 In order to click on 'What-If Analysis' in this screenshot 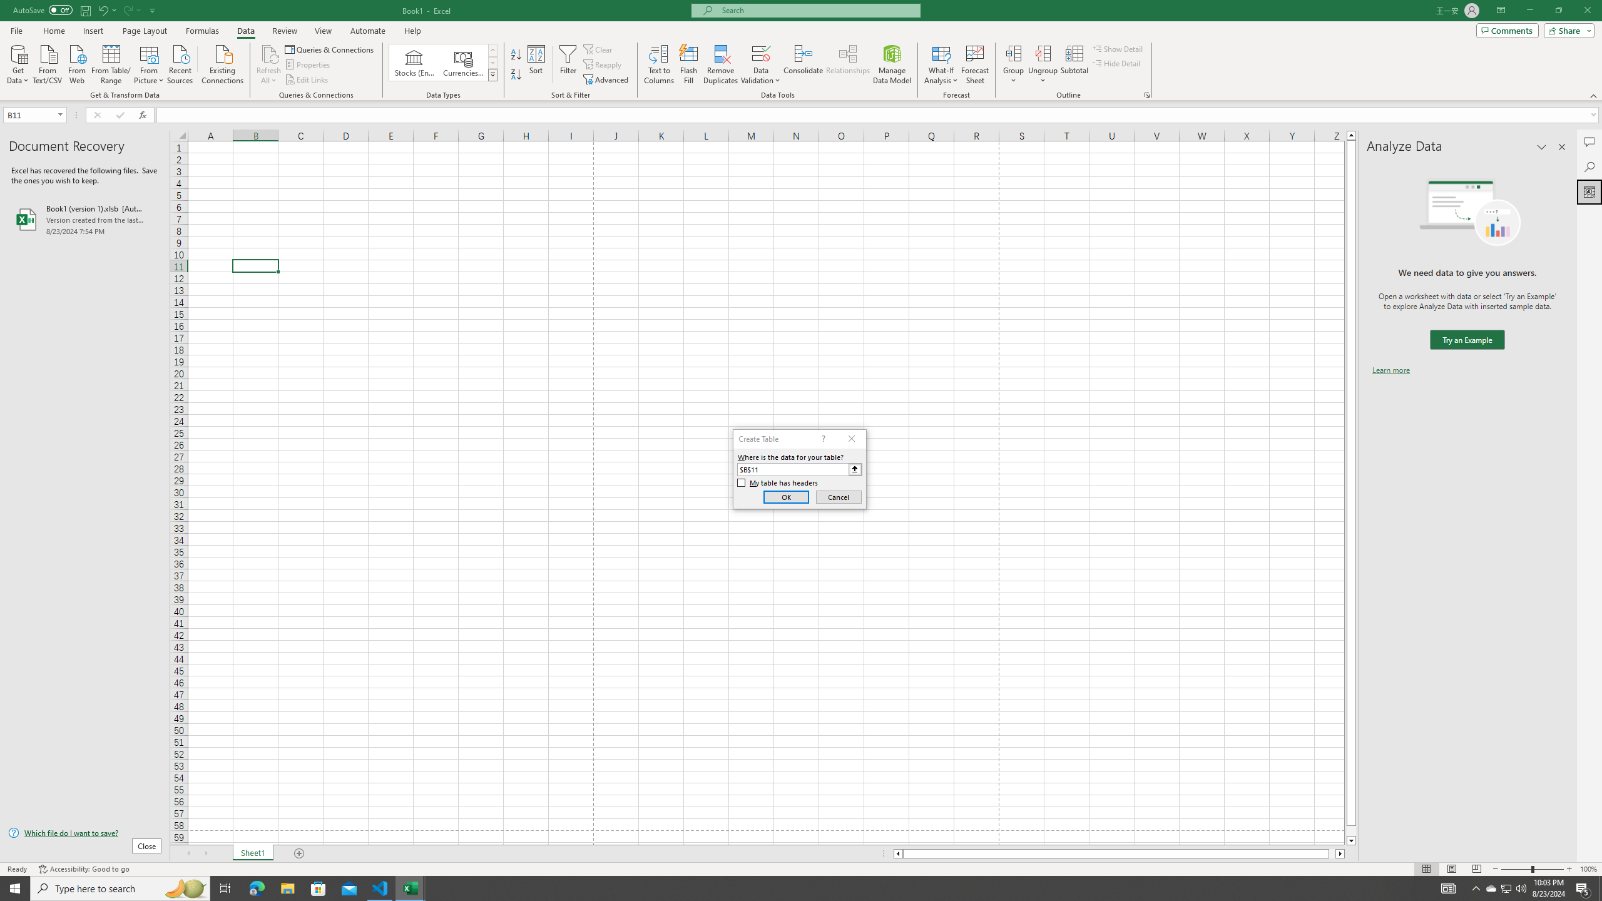, I will do `click(941, 64)`.